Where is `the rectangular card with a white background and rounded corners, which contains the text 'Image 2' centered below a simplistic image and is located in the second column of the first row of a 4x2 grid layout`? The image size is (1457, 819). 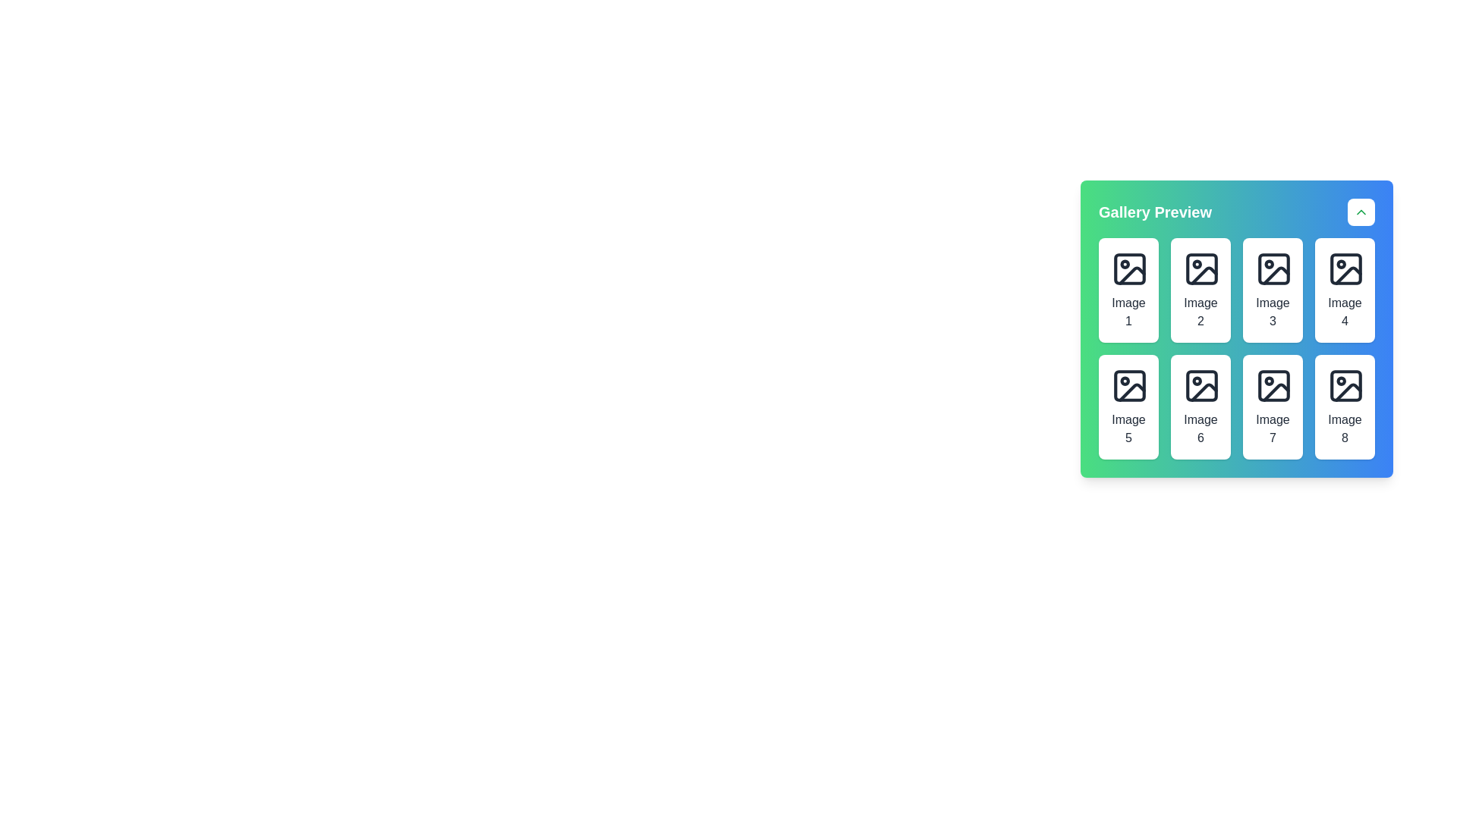 the rectangular card with a white background and rounded corners, which contains the text 'Image 2' centered below a simplistic image and is located in the second column of the first row of a 4x2 grid layout is located at coordinates (1200, 290).